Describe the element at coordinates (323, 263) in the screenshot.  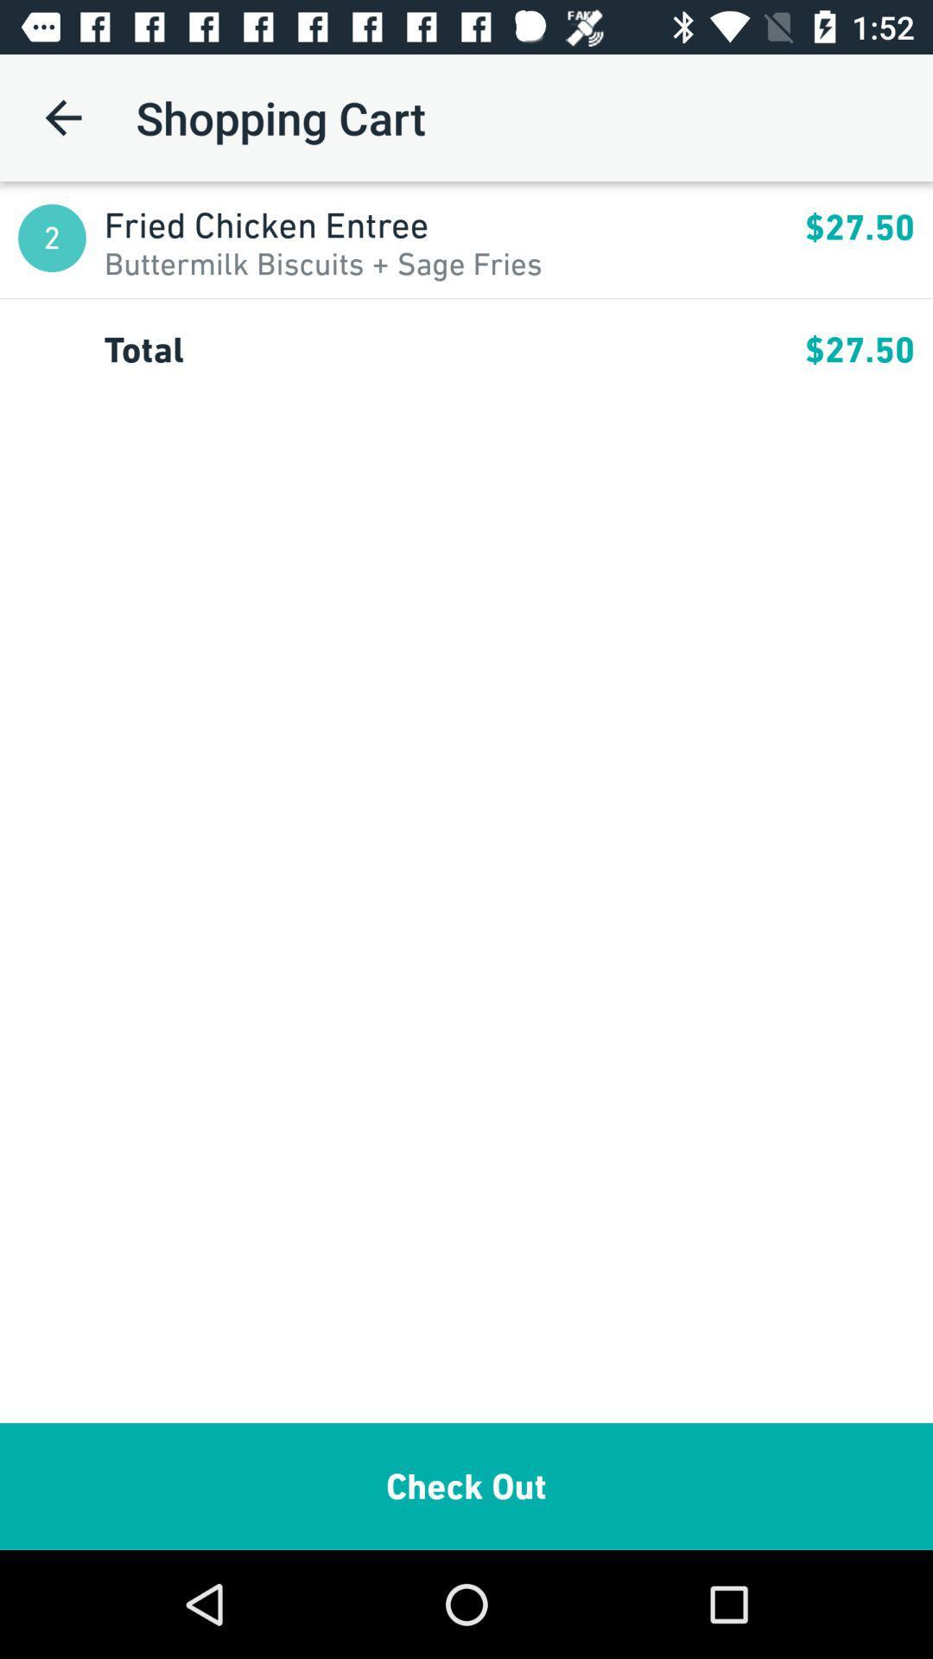
I see `item to the right of 2 app` at that location.